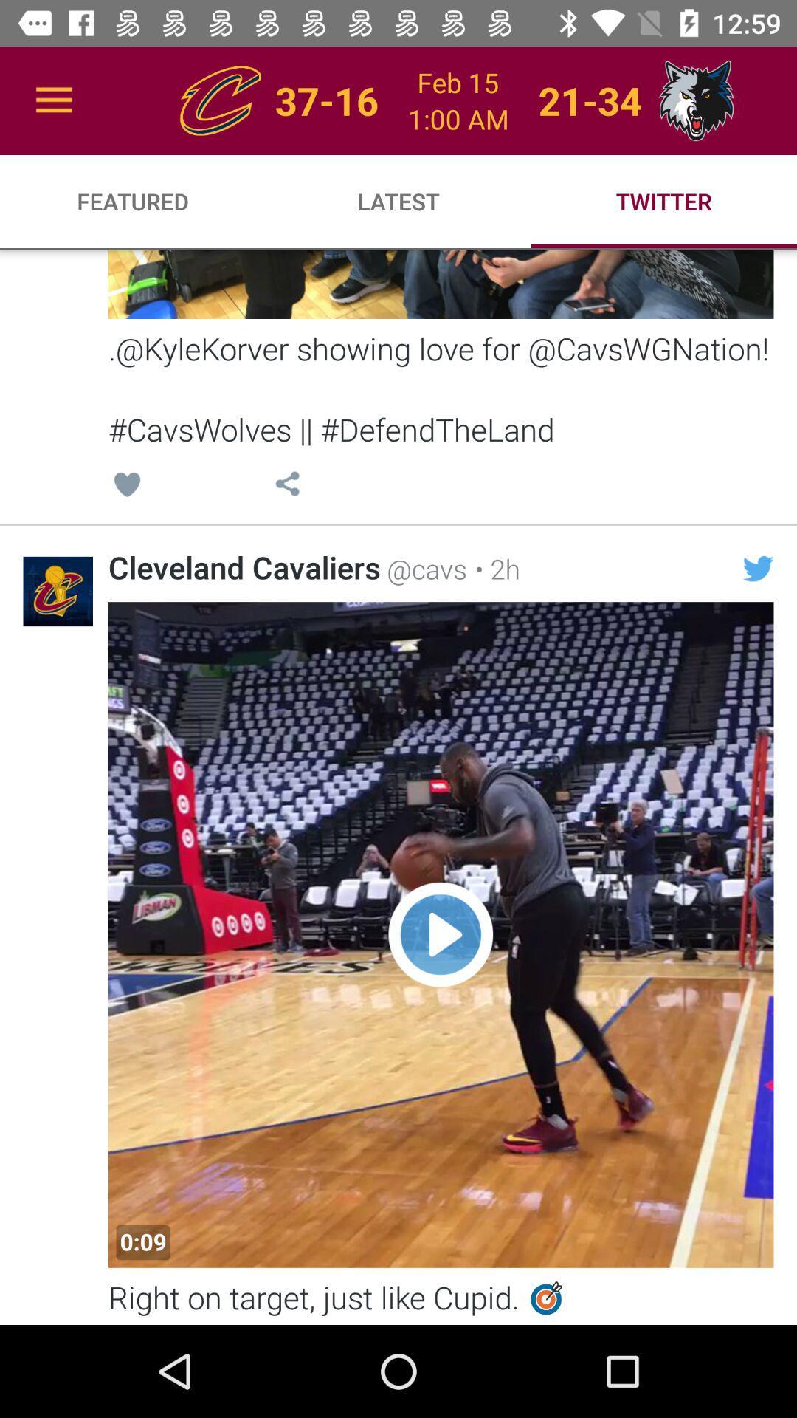 The image size is (797, 1418). Describe the element at coordinates (424, 568) in the screenshot. I see `the @cavs` at that location.